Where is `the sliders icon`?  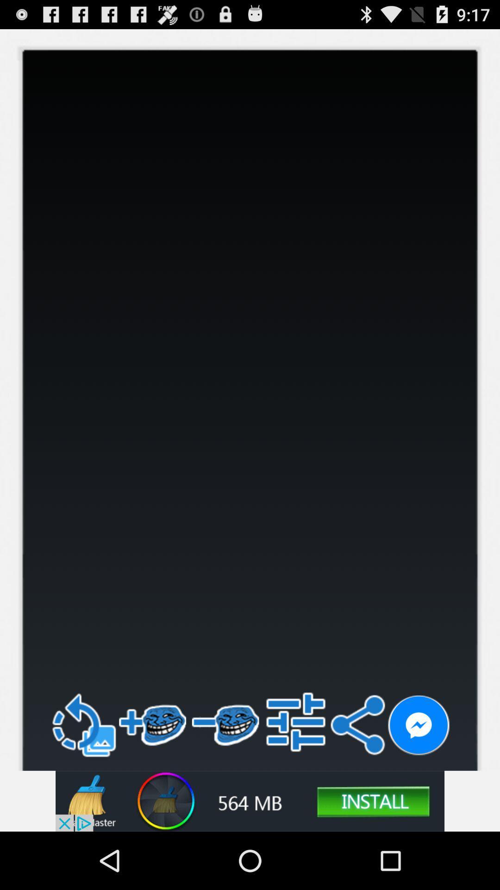 the sliders icon is located at coordinates (296, 773).